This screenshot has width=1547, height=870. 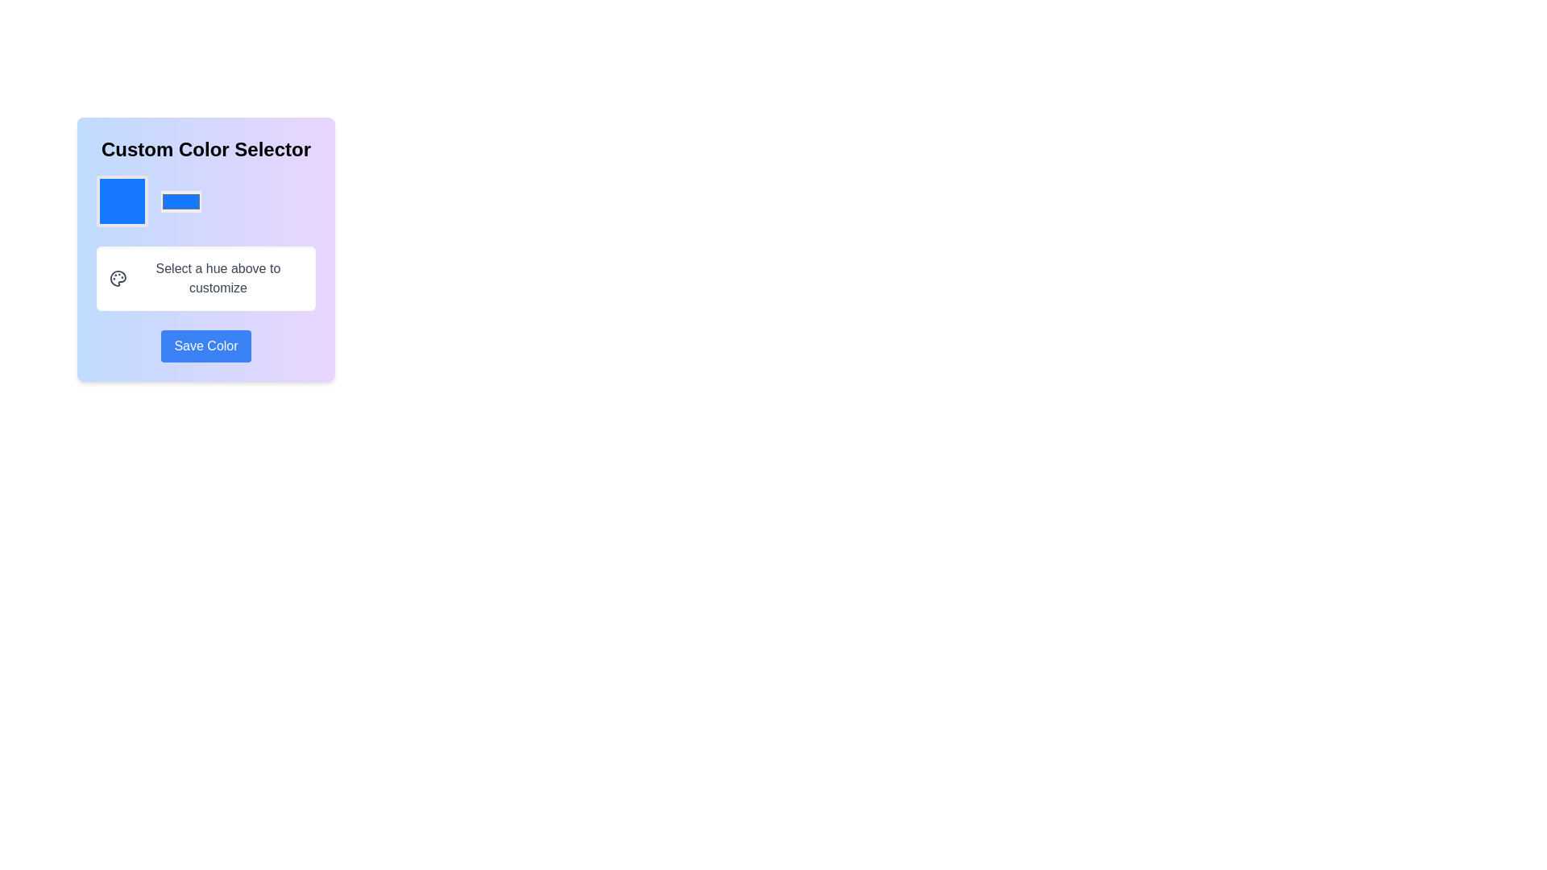 What do you see at coordinates (117, 278) in the screenshot?
I see `the color customization icon located in the middle-left section of the card-like panel, which is positioned to the left of the 'Select a hue above to customize' text and above the 'Save Color' button` at bounding box center [117, 278].